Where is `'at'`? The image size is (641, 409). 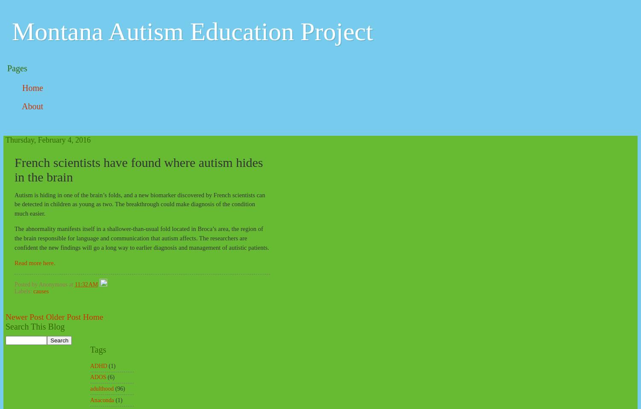
'at' is located at coordinates (68, 284).